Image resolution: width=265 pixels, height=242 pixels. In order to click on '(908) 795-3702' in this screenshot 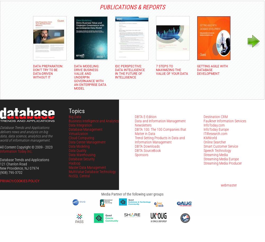, I will do `click(11, 172)`.